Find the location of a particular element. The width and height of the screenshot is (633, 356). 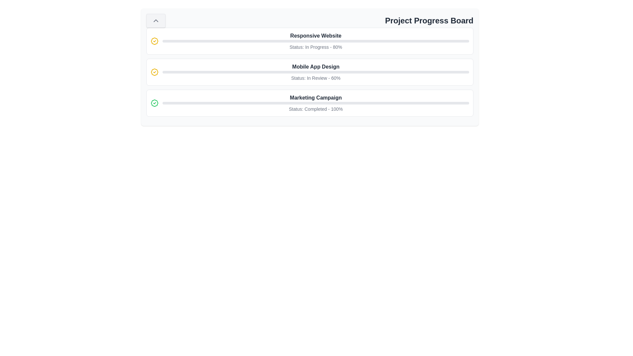

yellow circular status badge with a wavy outline and check icon located in the second row of the status indicators group is located at coordinates (154, 41).